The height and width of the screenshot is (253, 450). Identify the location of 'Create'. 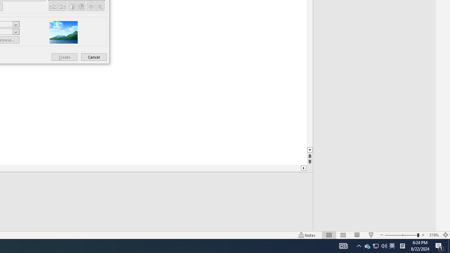
(64, 57).